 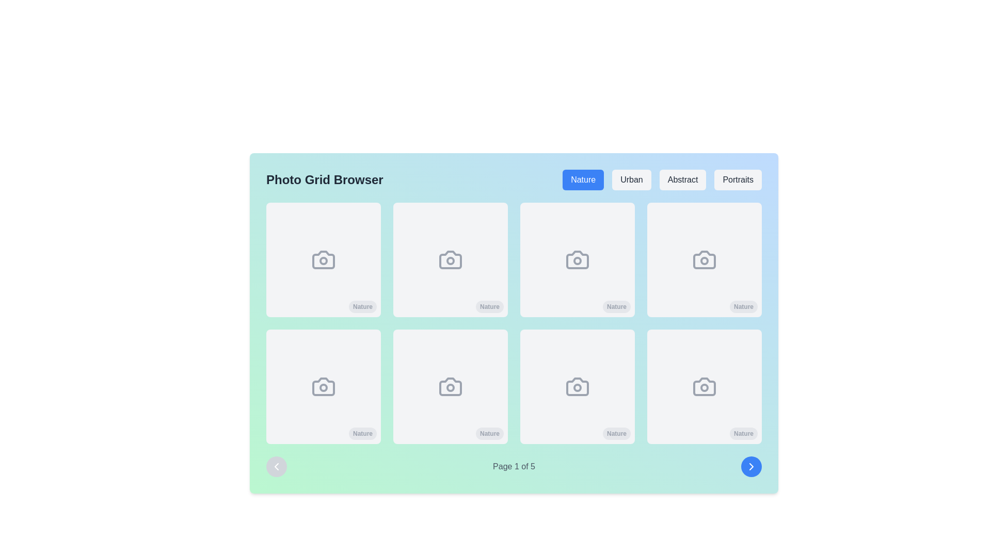 What do you see at coordinates (451, 259) in the screenshot?
I see `the 'Nature' icon in the grid layout to initiate an action` at bounding box center [451, 259].